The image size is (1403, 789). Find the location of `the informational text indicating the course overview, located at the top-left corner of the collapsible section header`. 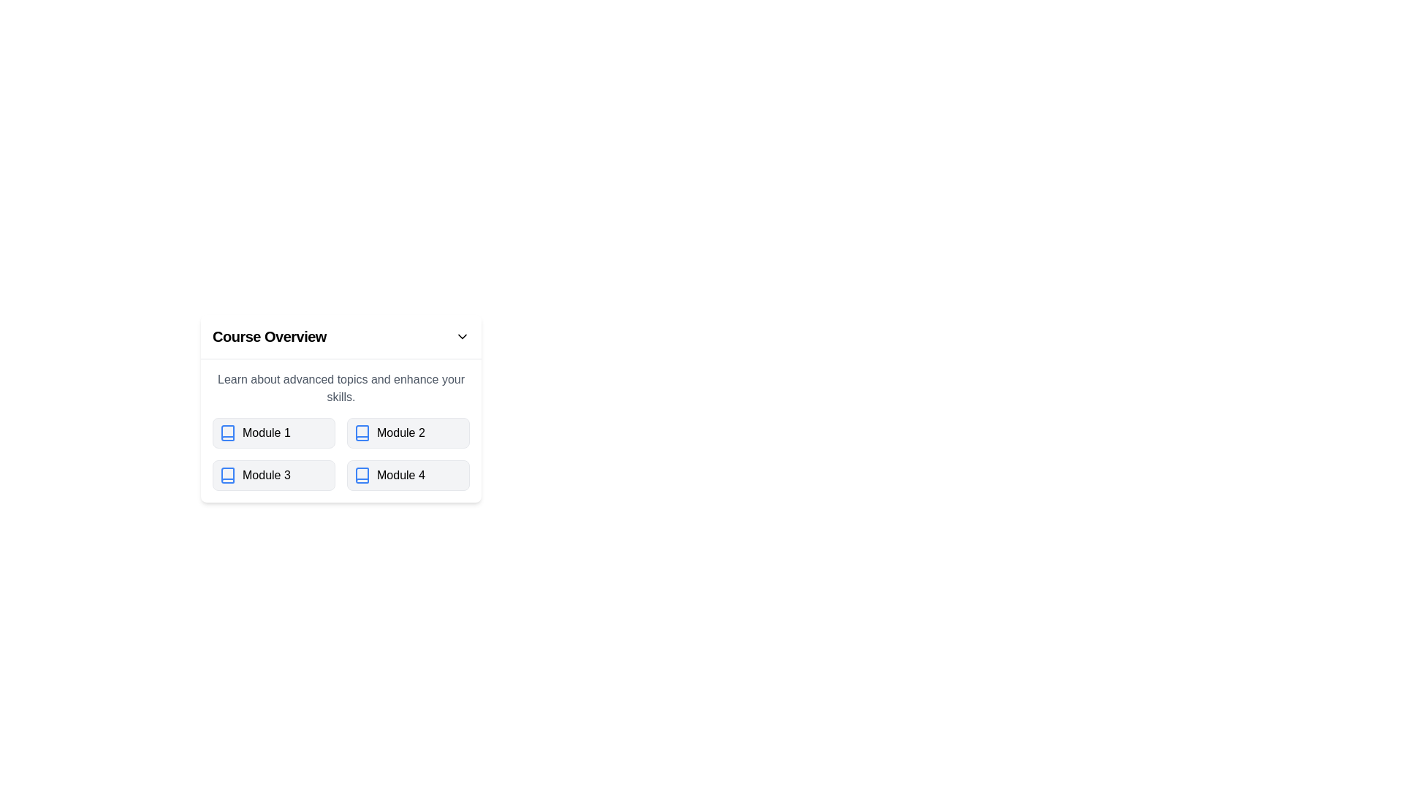

the informational text indicating the course overview, located at the top-left corner of the collapsible section header is located at coordinates (270, 337).